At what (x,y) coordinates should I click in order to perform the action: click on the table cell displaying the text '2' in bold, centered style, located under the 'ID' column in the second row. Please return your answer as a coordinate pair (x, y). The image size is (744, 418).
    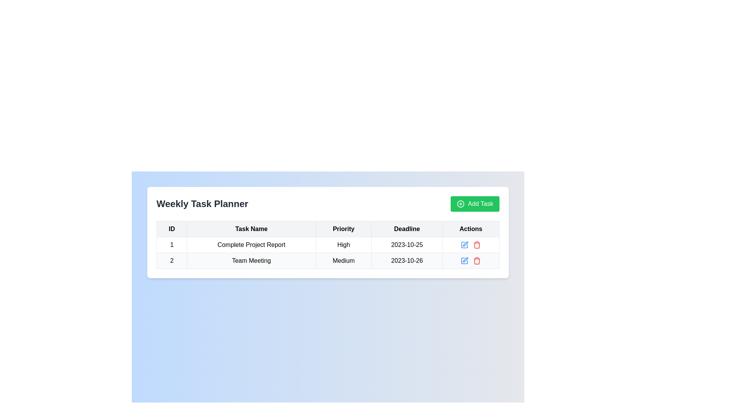
    Looking at the image, I should click on (171, 261).